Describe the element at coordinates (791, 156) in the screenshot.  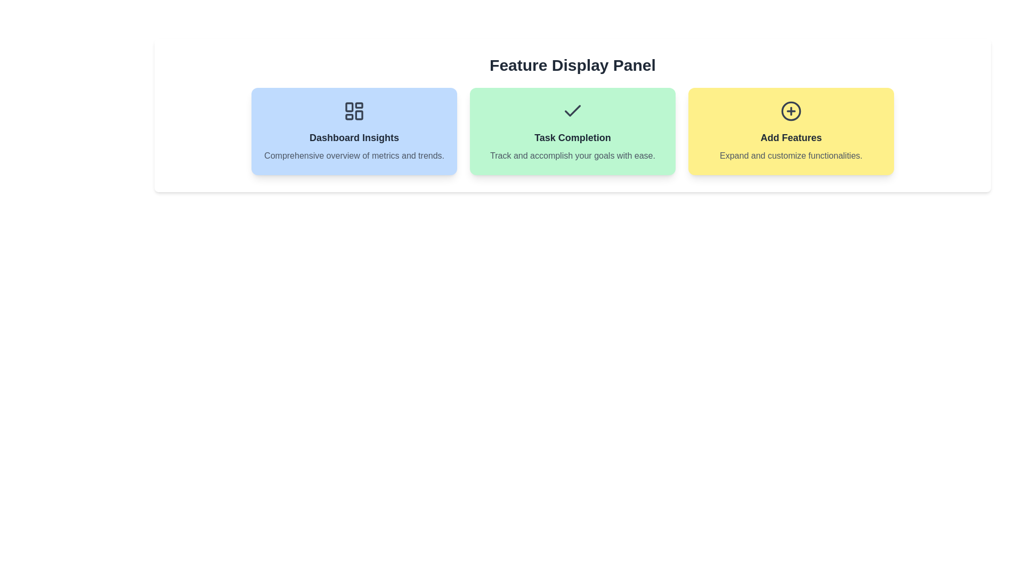
I see `the descriptive text label for the 'Add Features' card, located at the bottom segment of the card` at that location.